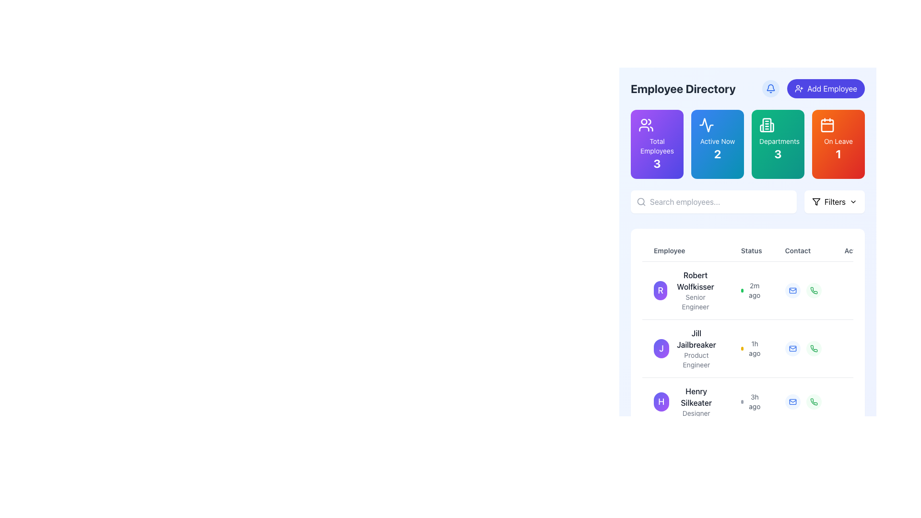 The height and width of the screenshot is (518, 921). Describe the element at coordinates (685, 348) in the screenshot. I see `the Profile card representing an individual employee's details, located second from the top in the employee listing section, below 'Robert Wolfkisser' and above 'Henry Silkeater'` at that location.